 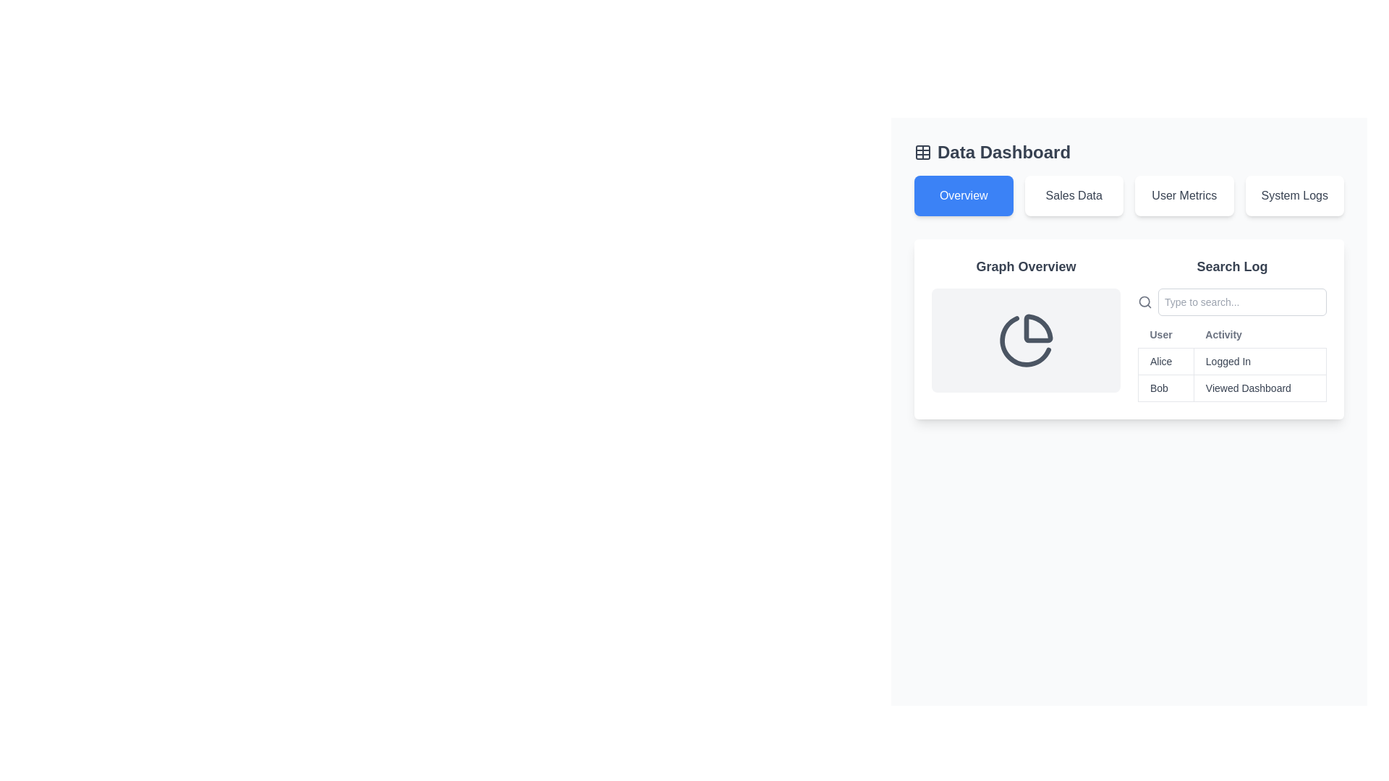 What do you see at coordinates (1231, 335) in the screenshot?
I see `the Table Header Row containing the text 'UserActivity' in the 'Search Log' section of the dashboard` at bounding box center [1231, 335].